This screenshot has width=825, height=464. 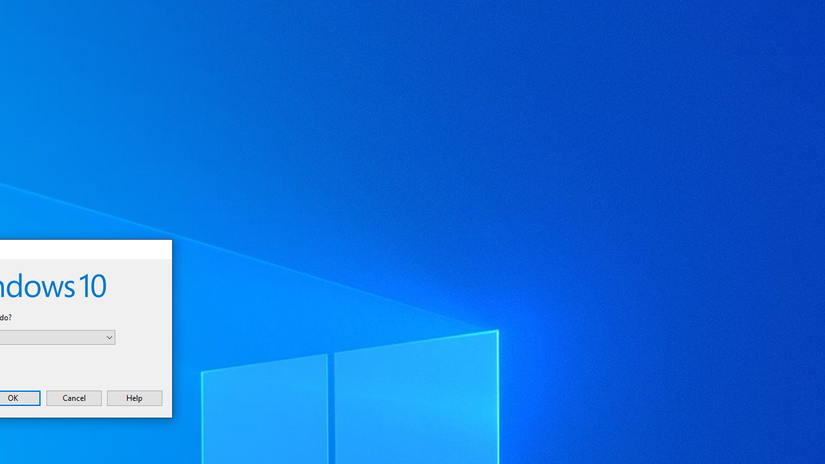 I want to click on 'Cancel', so click(x=73, y=397).